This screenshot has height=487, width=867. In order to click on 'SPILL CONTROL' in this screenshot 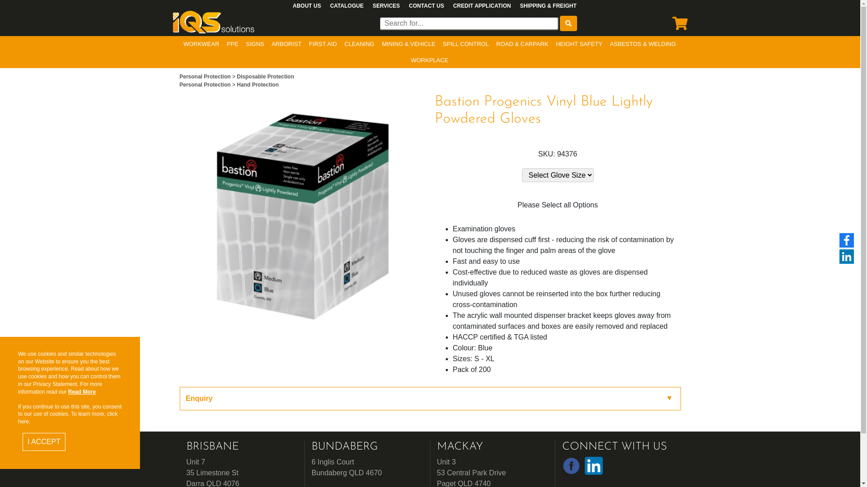, I will do `click(466, 44)`.